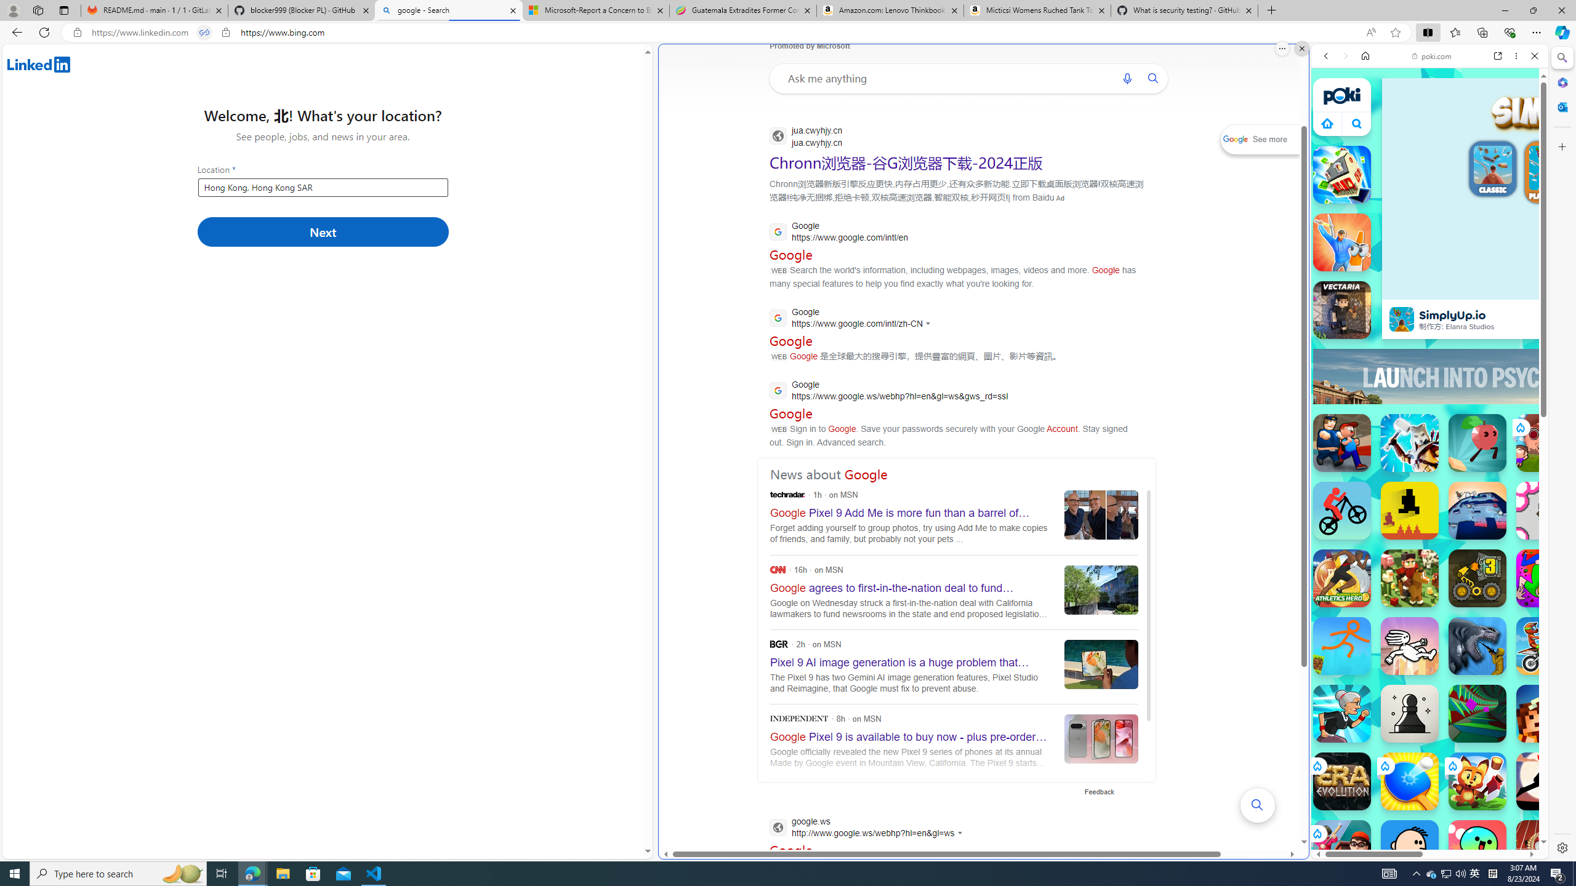 The height and width of the screenshot is (886, 1576). What do you see at coordinates (1477, 443) in the screenshot?
I see `'Up Together'` at bounding box center [1477, 443].